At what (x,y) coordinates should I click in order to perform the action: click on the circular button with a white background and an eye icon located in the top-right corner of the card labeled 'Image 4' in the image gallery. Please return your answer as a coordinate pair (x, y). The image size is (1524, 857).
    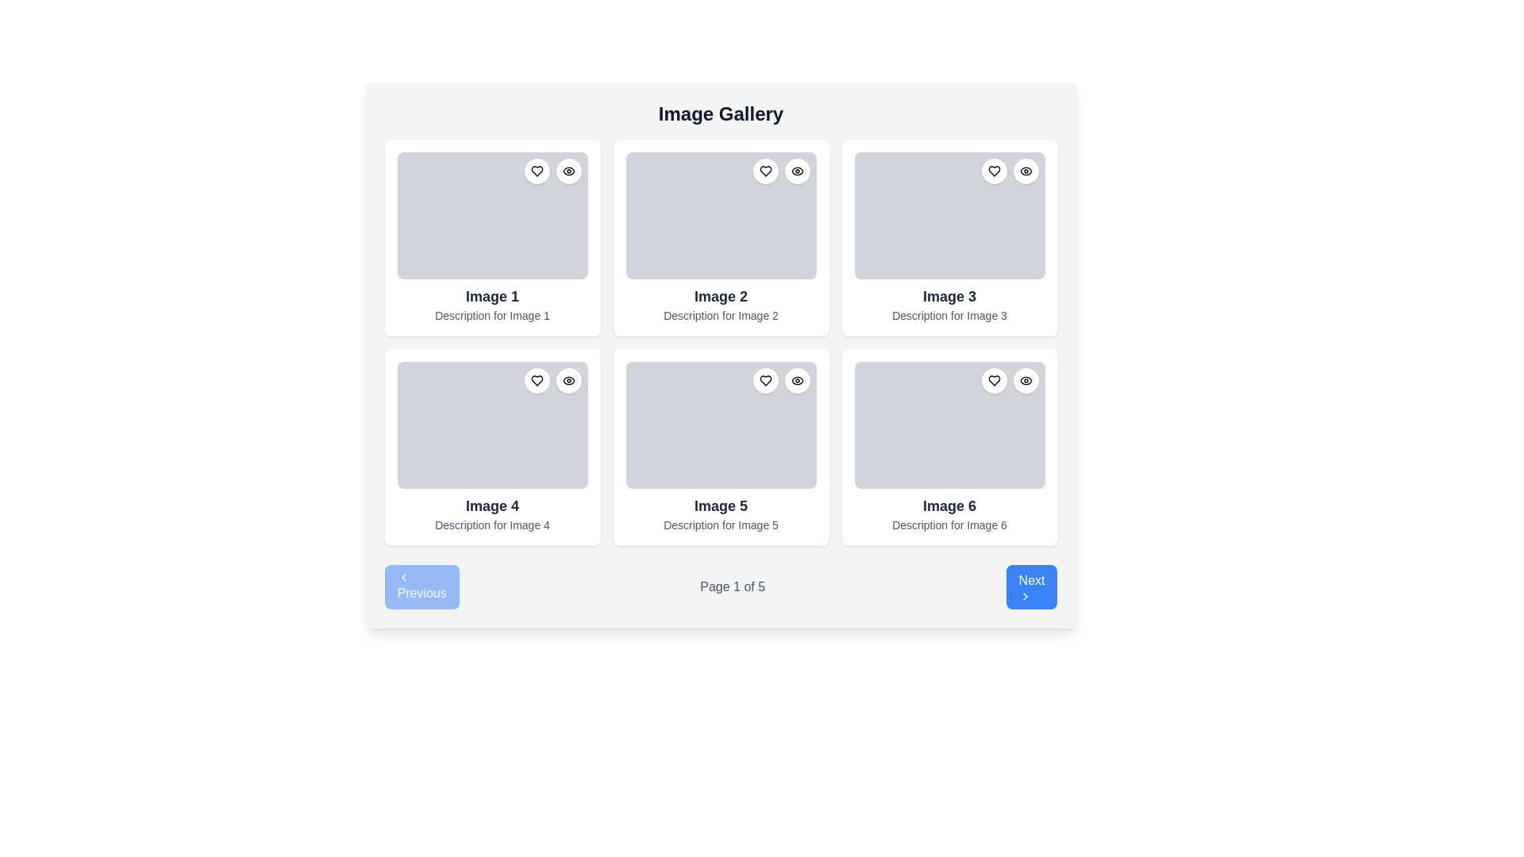
    Looking at the image, I should click on (568, 380).